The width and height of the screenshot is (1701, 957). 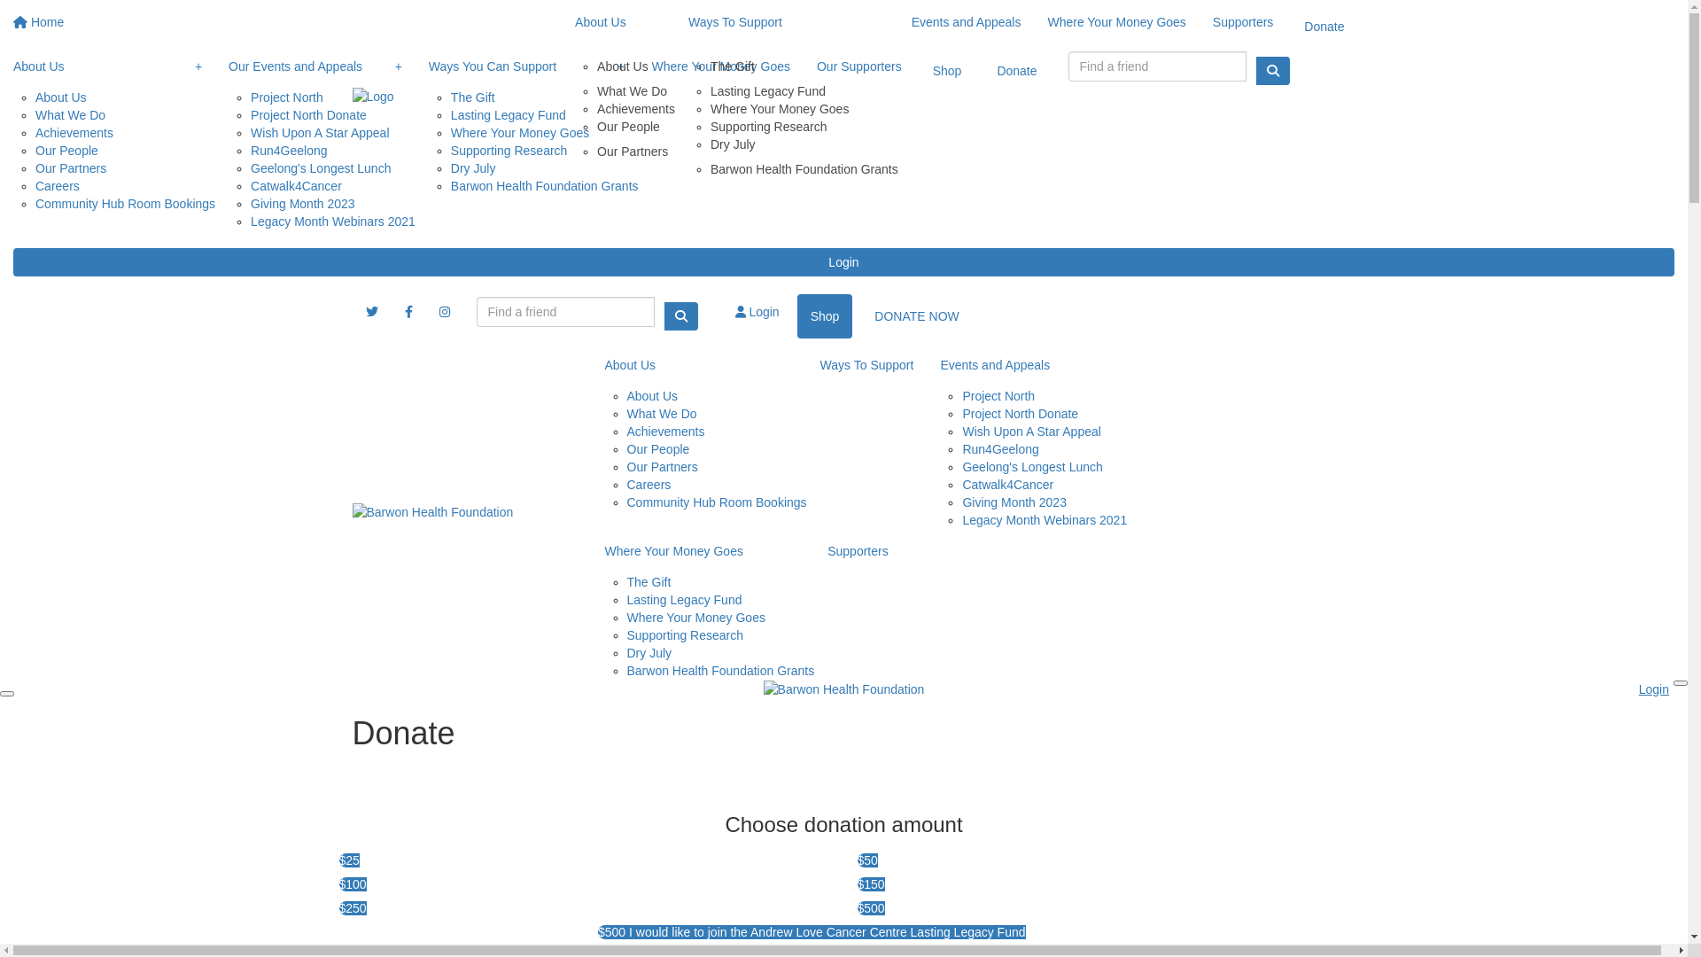 I want to click on 'Achievements', so click(x=636, y=109).